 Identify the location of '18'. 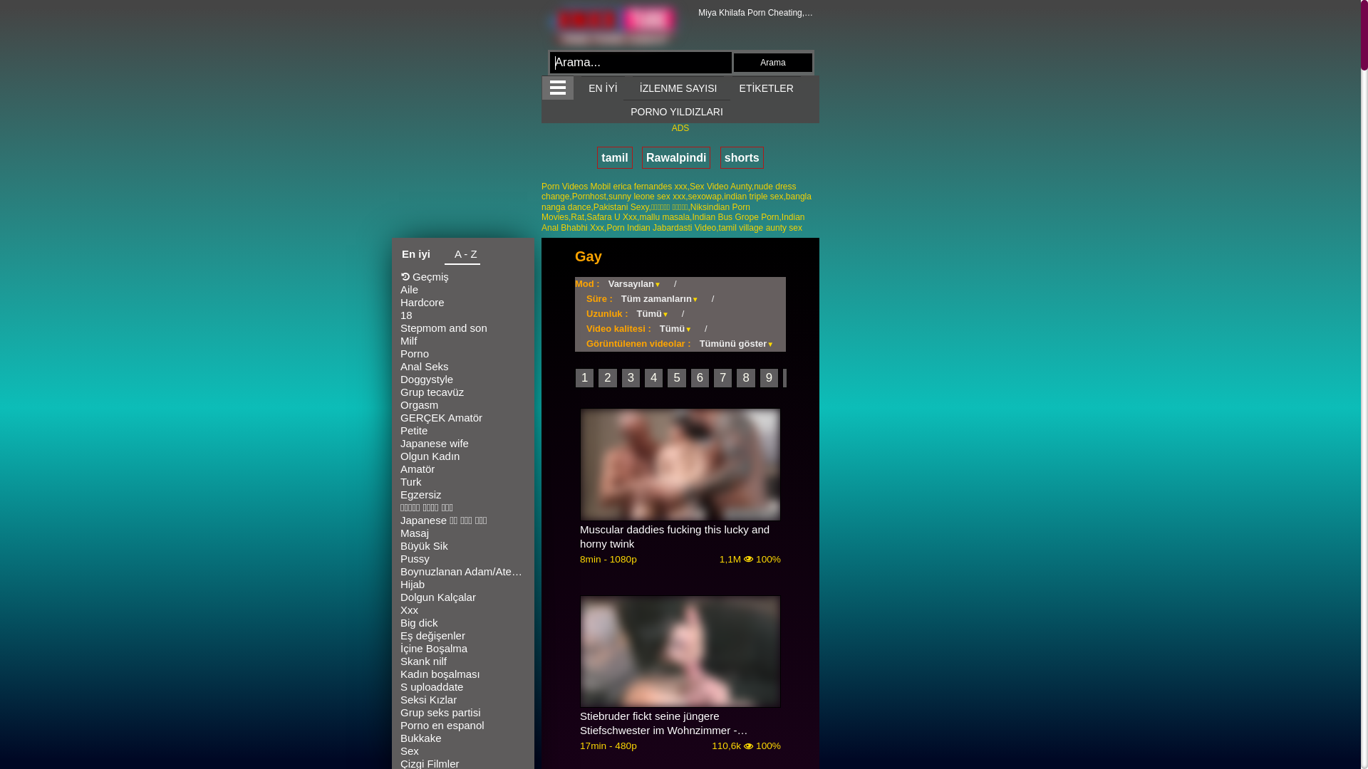
(462, 315).